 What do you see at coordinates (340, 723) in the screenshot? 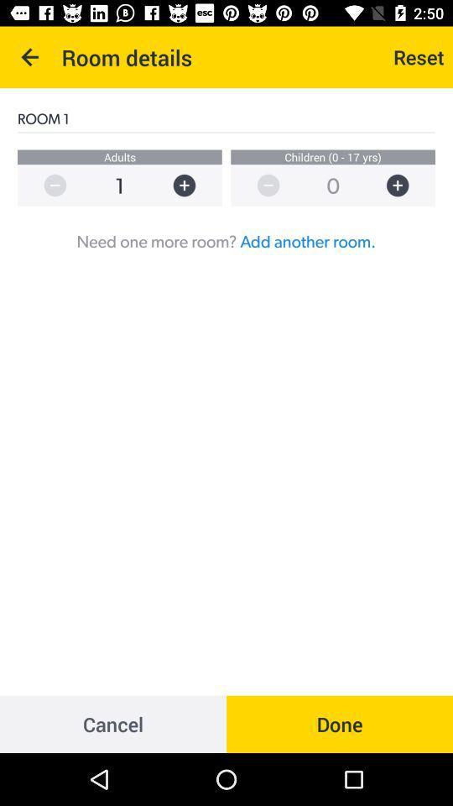
I see `done` at bounding box center [340, 723].